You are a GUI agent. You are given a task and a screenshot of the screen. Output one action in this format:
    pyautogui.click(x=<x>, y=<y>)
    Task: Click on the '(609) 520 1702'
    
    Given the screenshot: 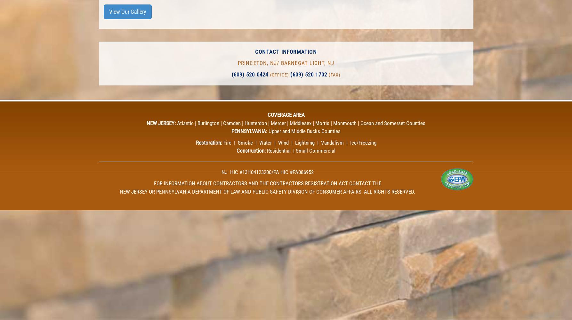 What is the action you would take?
    pyautogui.click(x=308, y=74)
    